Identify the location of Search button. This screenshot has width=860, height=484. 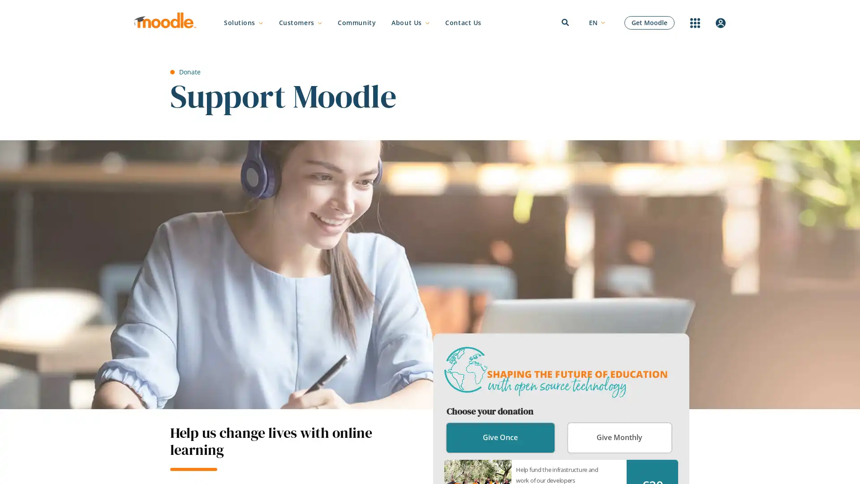
(623, 243).